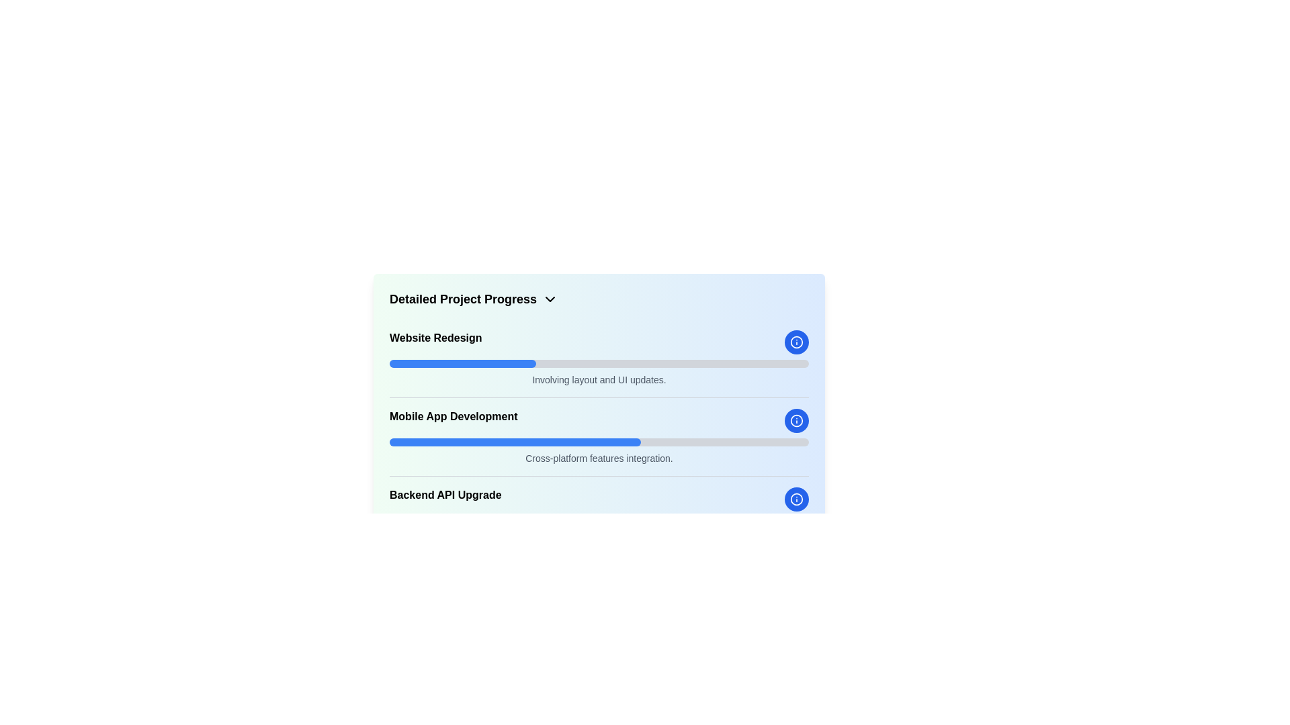 The height and width of the screenshot is (725, 1290). What do you see at coordinates (515, 442) in the screenshot?
I see `the blue progress bar segment that spans approximately 60% of the horizontal bar located beneath the 'Mobile App Development' label` at bounding box center [515, 442].